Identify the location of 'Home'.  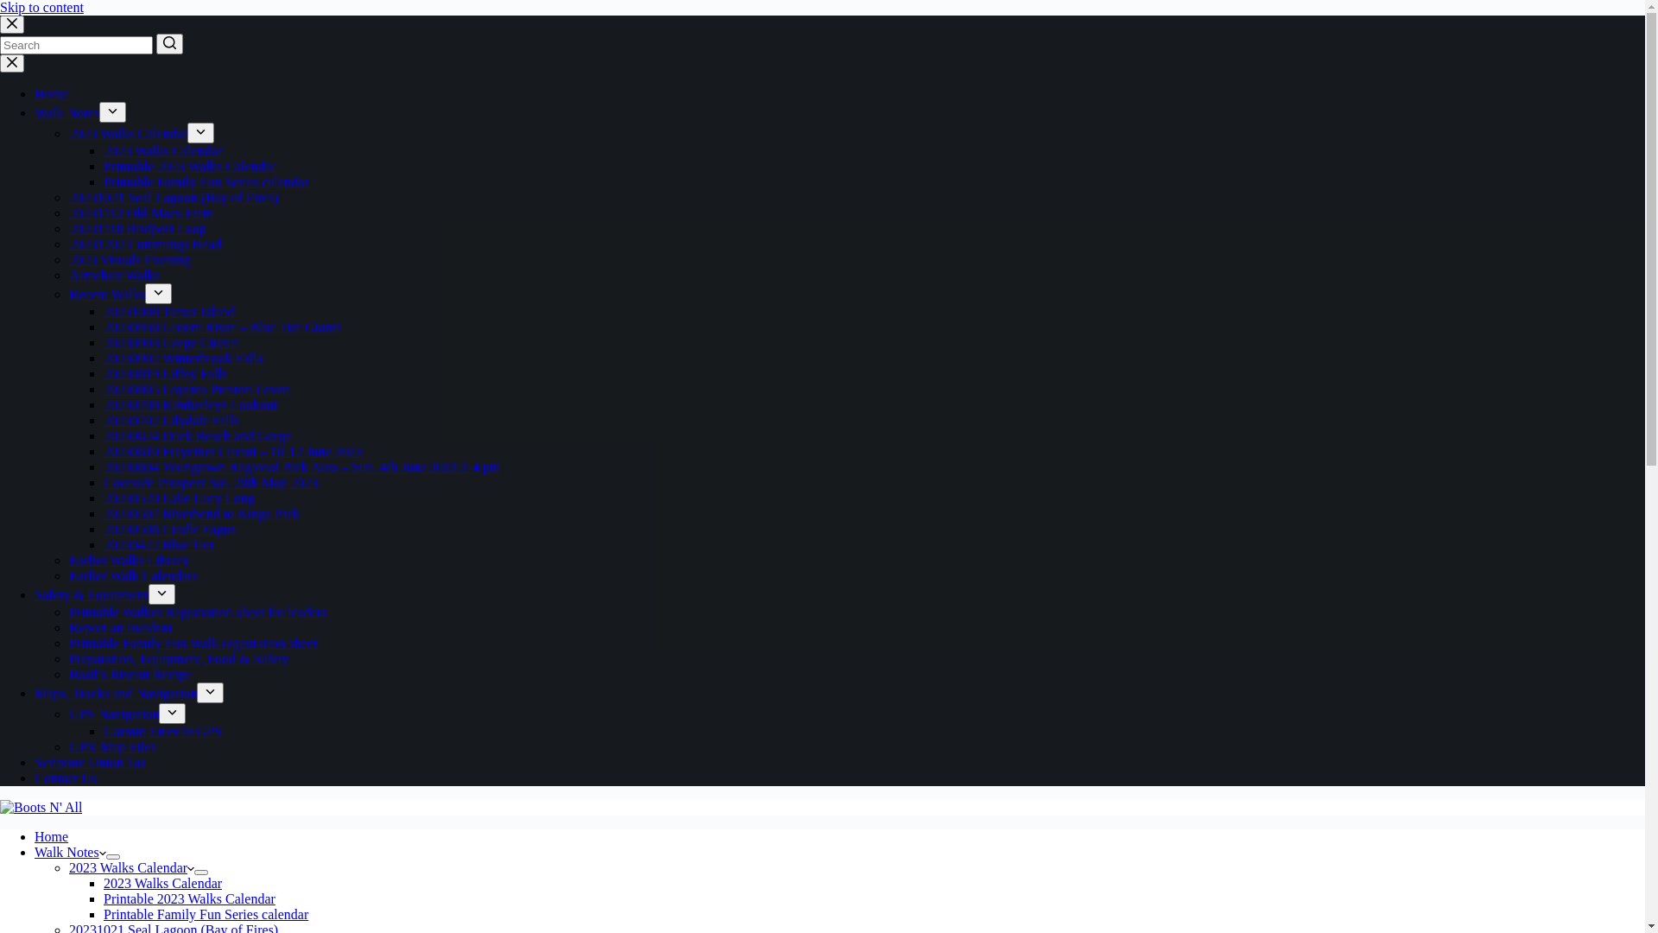
(51, 835).